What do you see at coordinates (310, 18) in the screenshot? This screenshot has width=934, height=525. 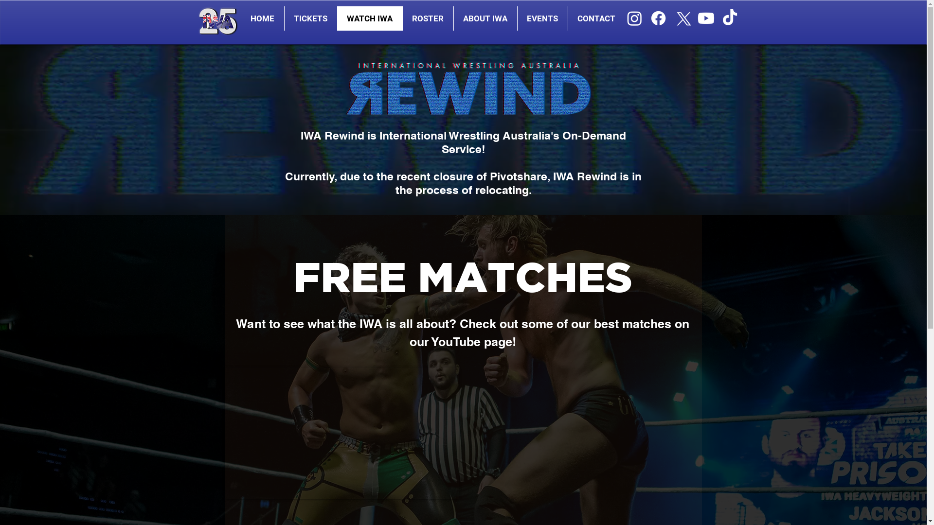 I see `'TICKETS'` at bounding box center [310, 18].